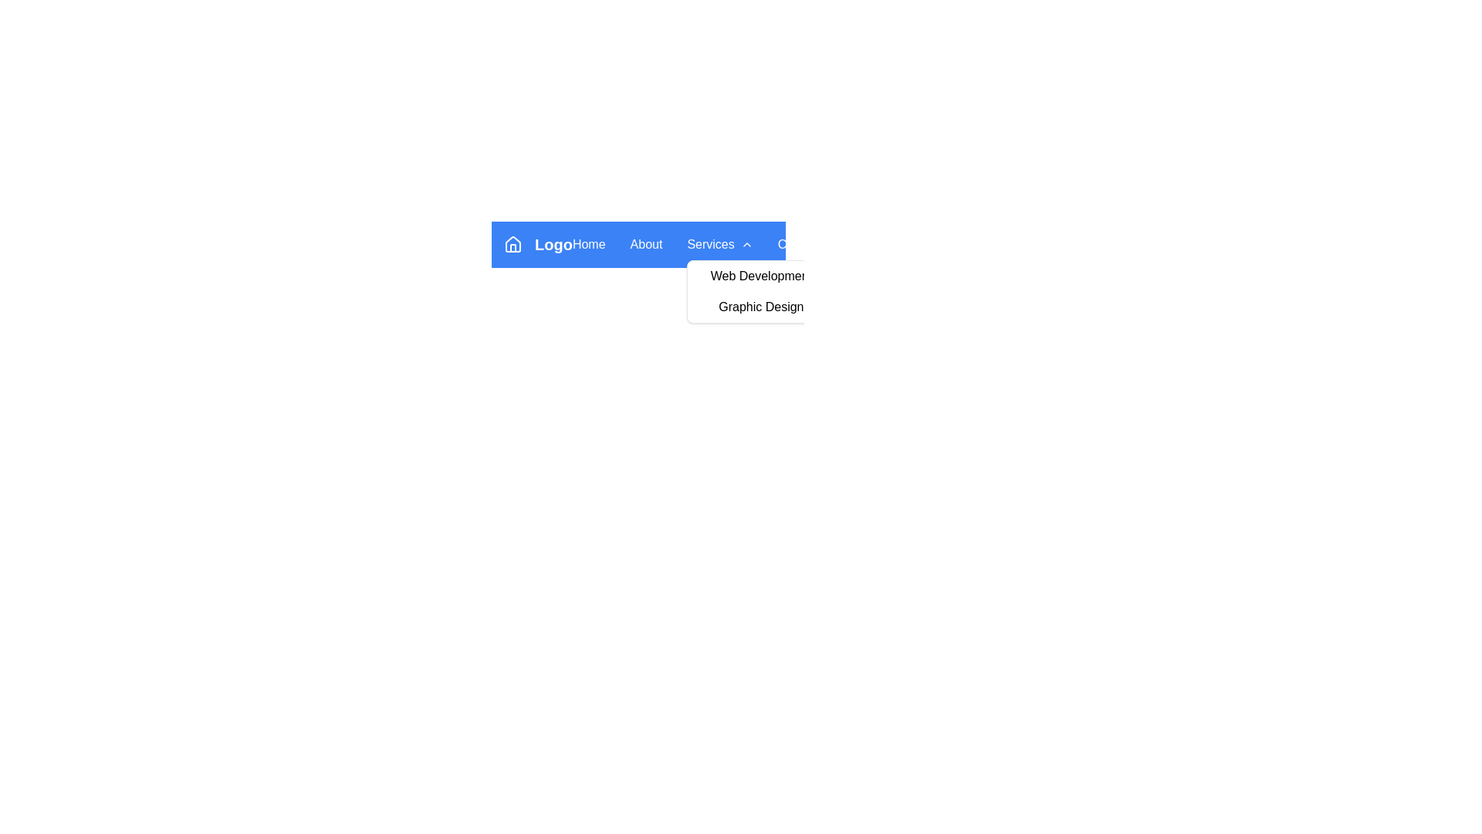 The image size is (1482, 834). I want to click on hyperlink text element located in the navigation bar, which serves as a link to the 'About' page, positioned between the 'Home' link and the 'Services' dropdown menu, so click(646, 243).